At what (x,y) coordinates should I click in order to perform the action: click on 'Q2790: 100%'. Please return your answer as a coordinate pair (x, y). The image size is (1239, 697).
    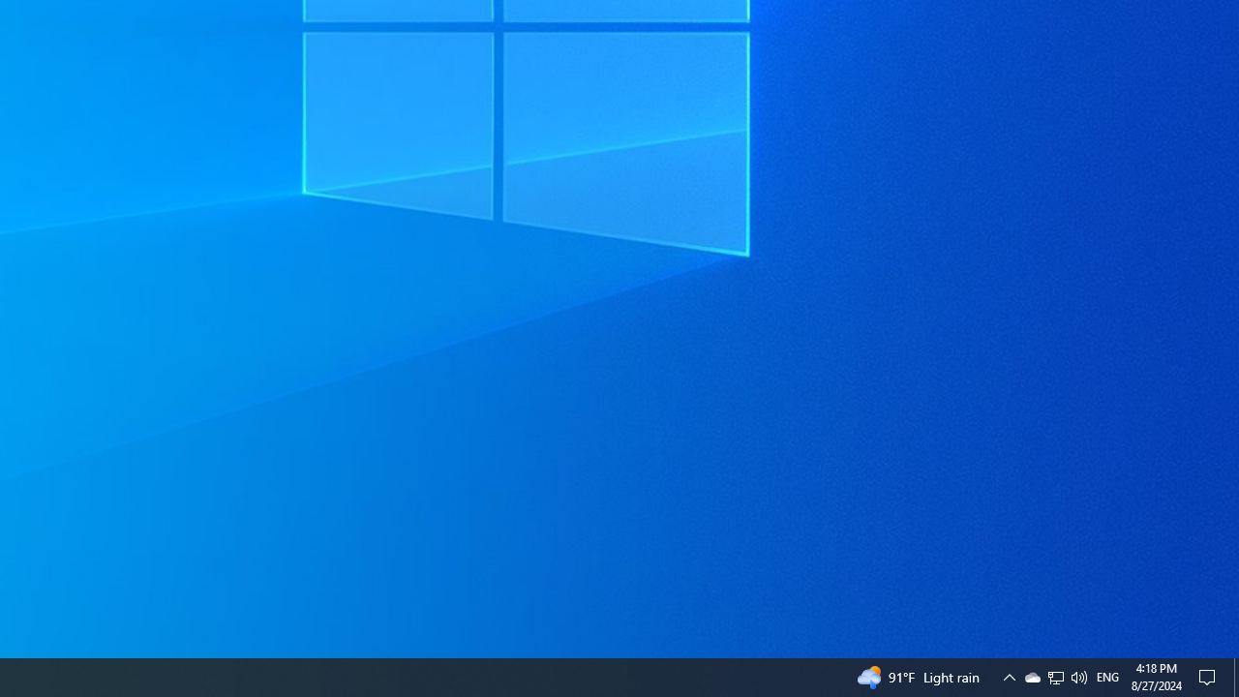
    Looking at the image, I should click on (1031, 676).